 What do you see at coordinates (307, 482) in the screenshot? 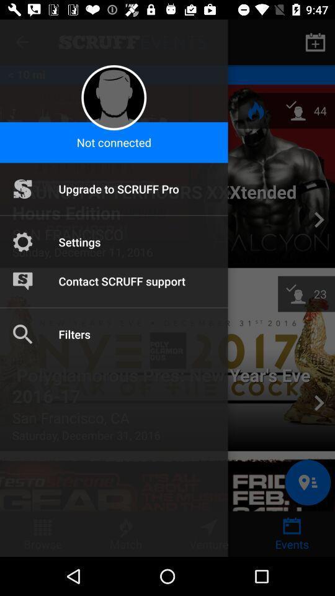
I see `the location icon` at bounding box center [307, 482].